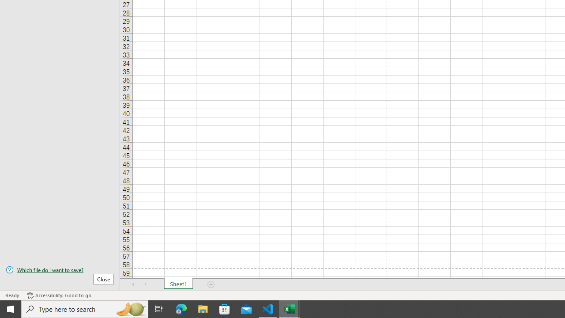 The image size is (565, 318). I want to click on 'File Explorer', so click(203, 308).